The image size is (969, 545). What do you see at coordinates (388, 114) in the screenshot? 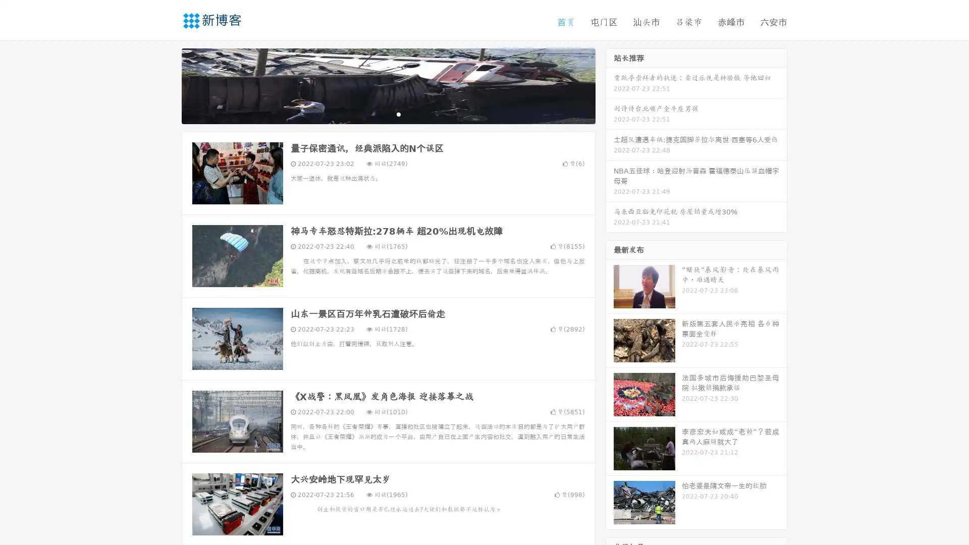
I see `Go to slide 2` at bounding box center [388, 114].